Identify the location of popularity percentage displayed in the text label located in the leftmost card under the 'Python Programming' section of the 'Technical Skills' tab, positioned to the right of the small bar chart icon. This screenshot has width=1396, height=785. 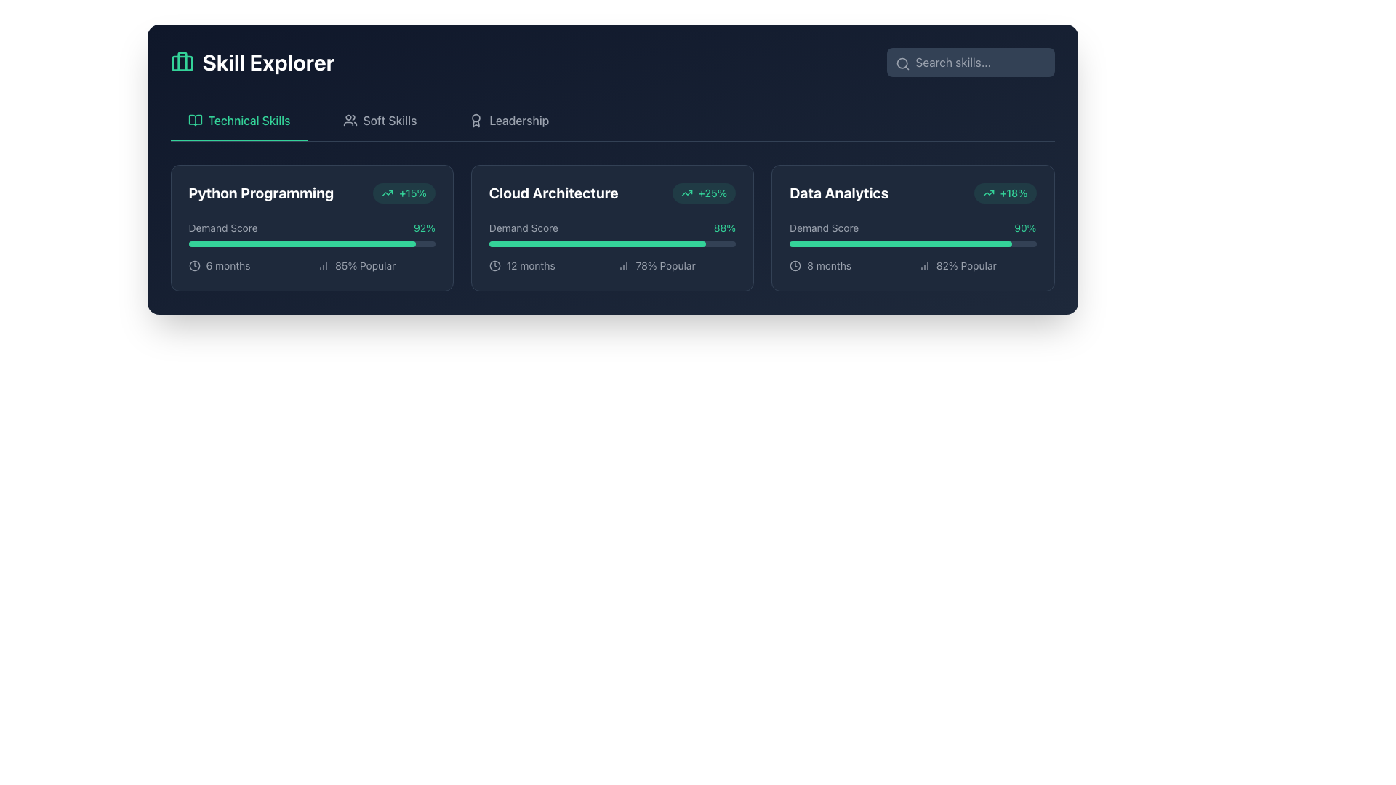
(365, 266).